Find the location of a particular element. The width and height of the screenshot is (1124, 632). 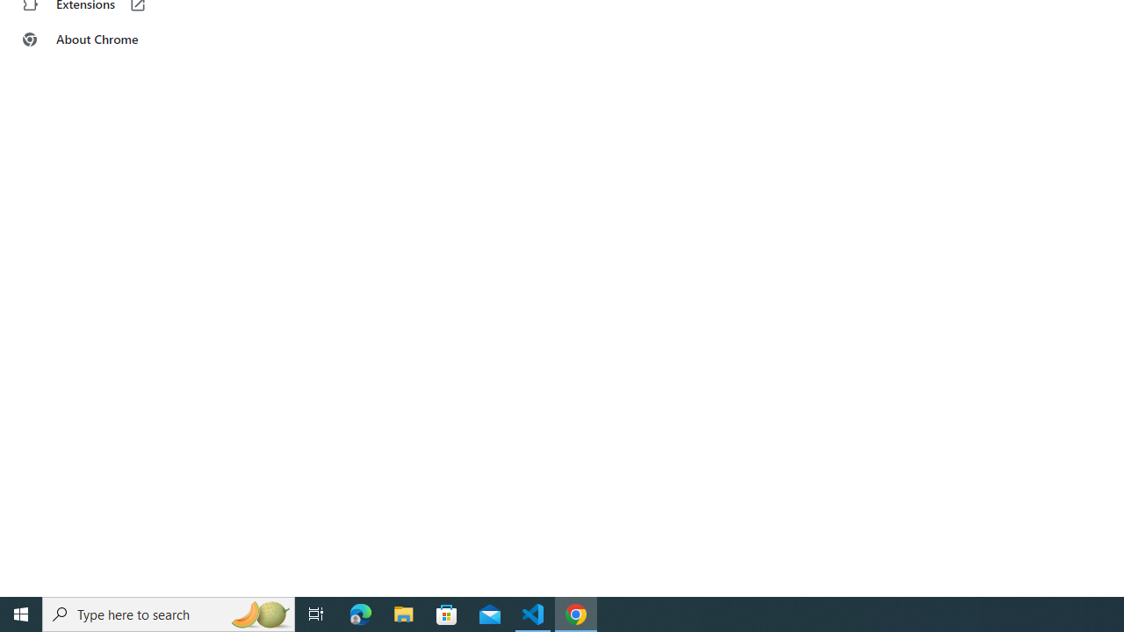

'Type here to search' is located at coordinates (169, 613).